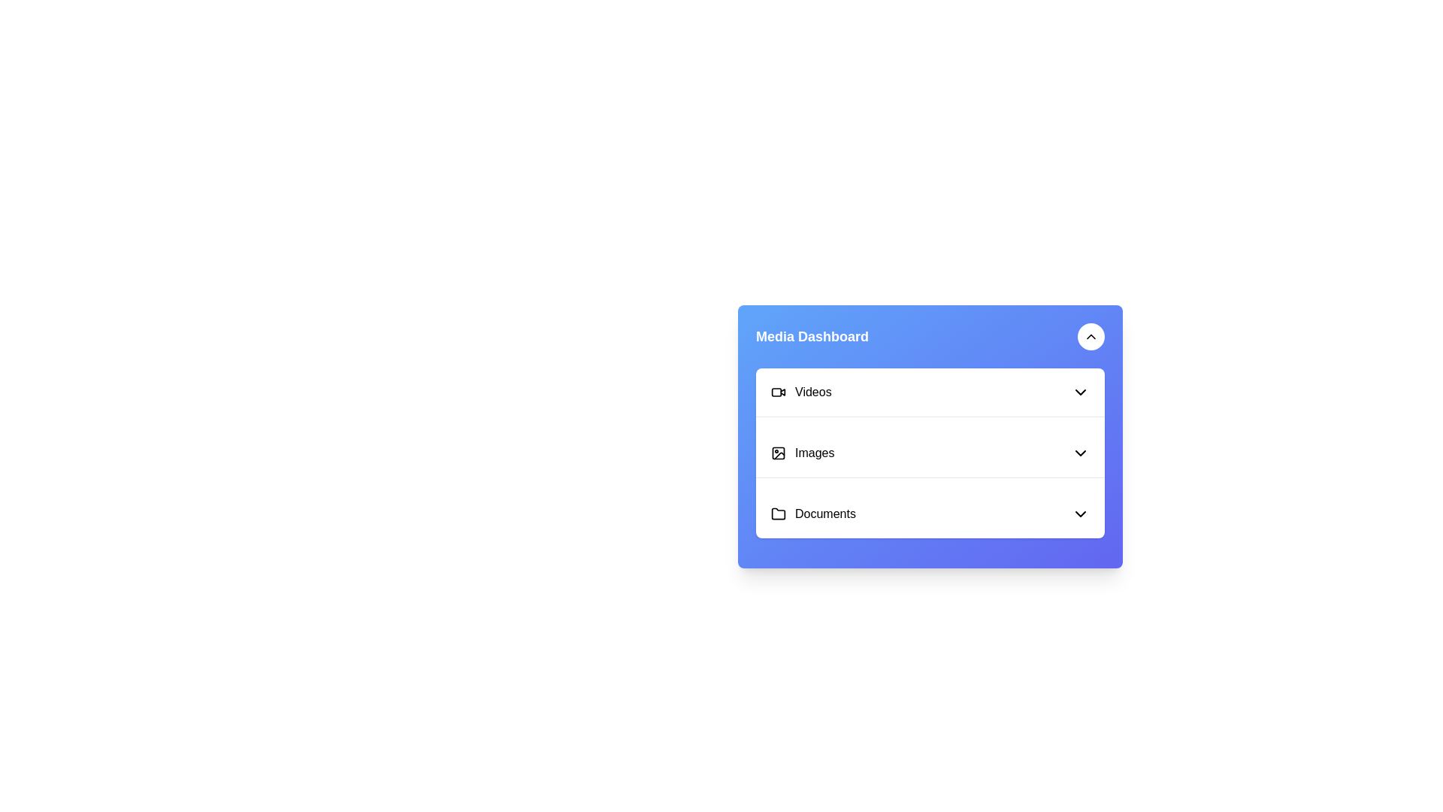 The width and height of the screenshot is (1443, 812). Describe the element at coordinates (1080, 513) in the screenshot. I see `the chevron icon located at the far-right side of the 'Documents' section` at that location.